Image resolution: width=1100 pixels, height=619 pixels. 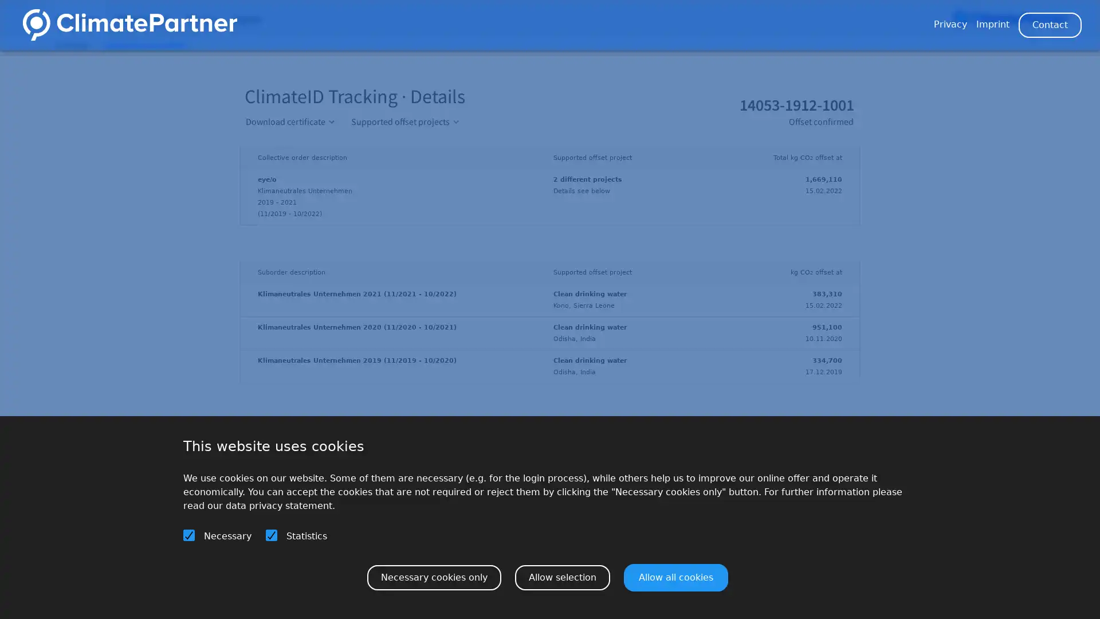 What do you see at coordinates (676, 577) in the screenshot?
I see `Allow all cookies` at bounding box center [676, 577].